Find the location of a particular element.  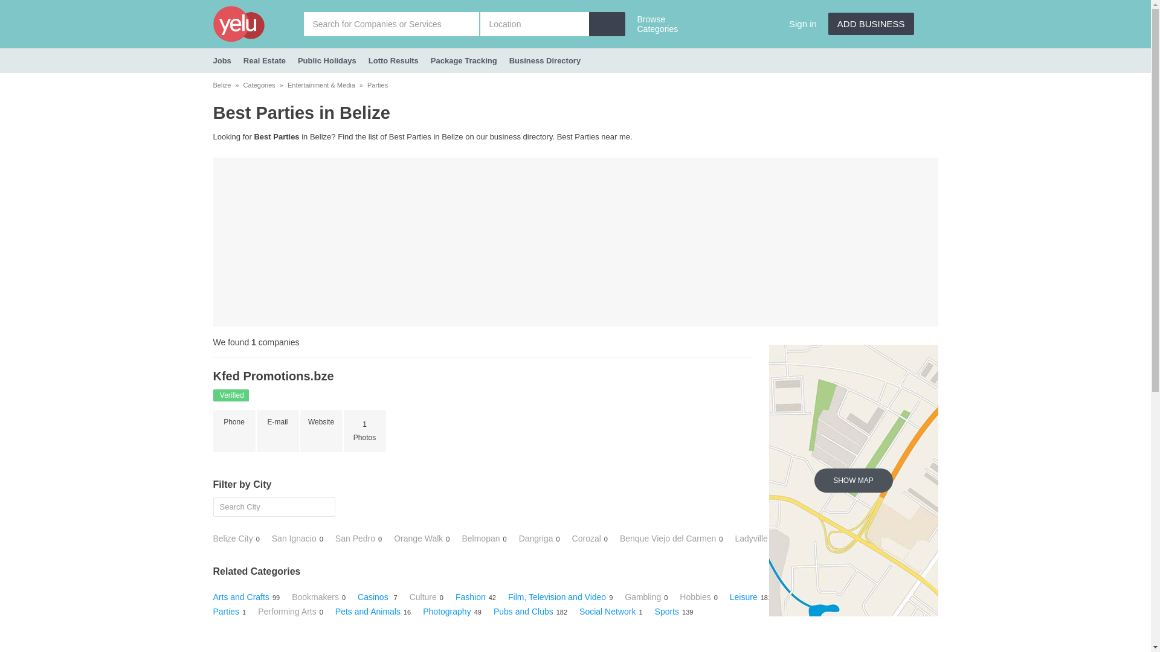

'Sports' is located at coordinates (666, 612).